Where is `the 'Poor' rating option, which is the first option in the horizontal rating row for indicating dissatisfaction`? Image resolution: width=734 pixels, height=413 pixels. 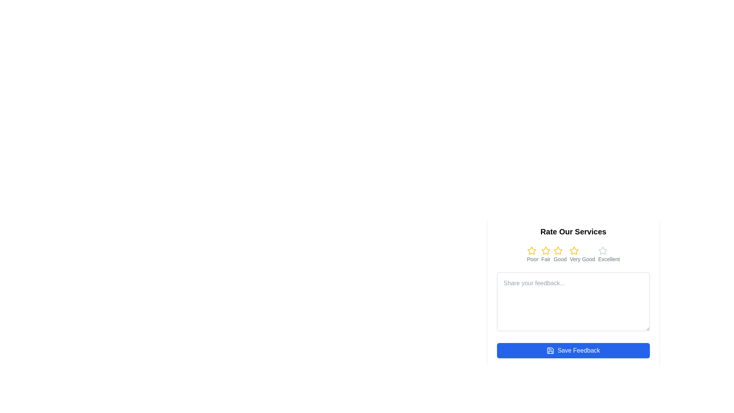 the 'Poor' rating option, which is the first option in the horizontal rating row for indicating dissatisfaction is located at coordinates (532, 255).